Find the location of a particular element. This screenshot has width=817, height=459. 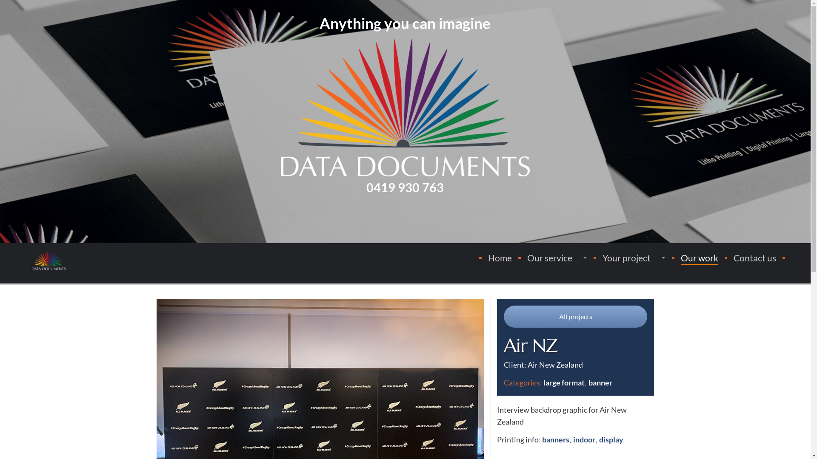

'Home' is located at coordinates (488, 257).